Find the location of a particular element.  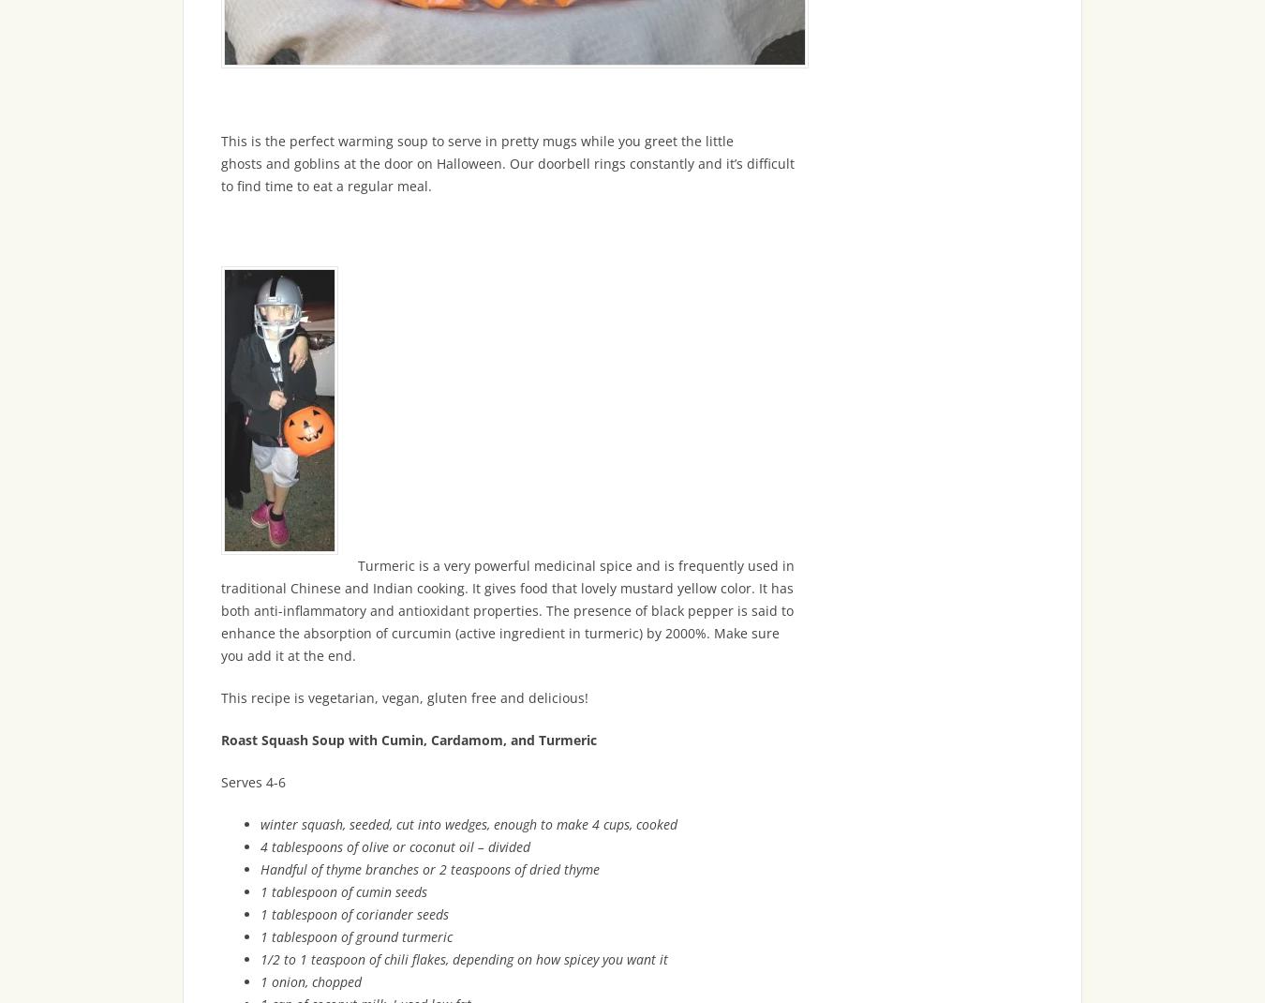

'This recipe is vegetarian, vegan, gluten free and delicious!' is located at coordinates (405, 696).